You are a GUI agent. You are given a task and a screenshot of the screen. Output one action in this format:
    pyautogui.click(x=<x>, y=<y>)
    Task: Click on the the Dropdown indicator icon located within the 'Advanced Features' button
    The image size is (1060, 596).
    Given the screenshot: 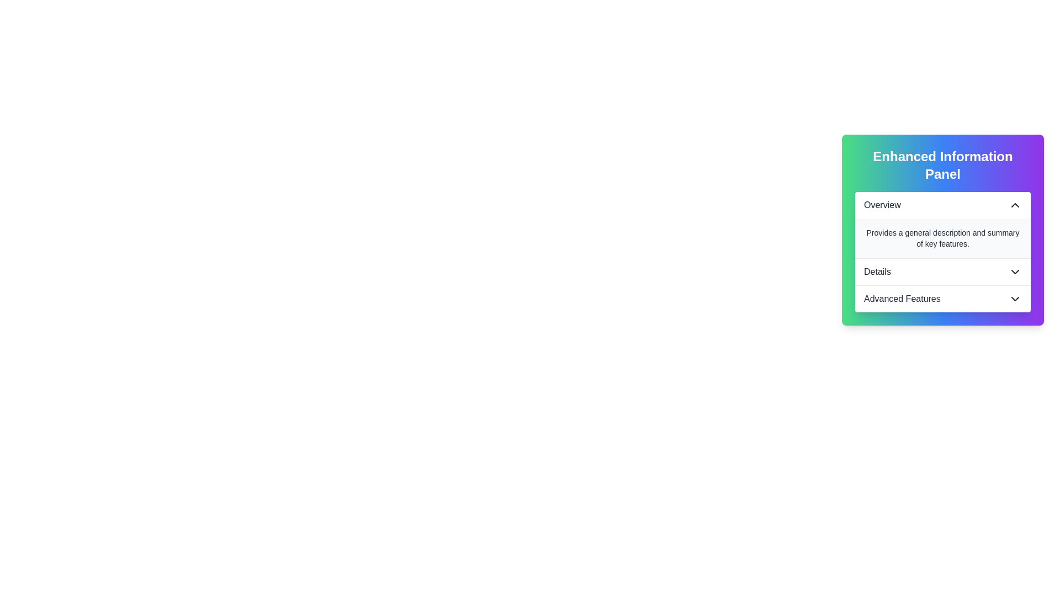 What is the action you would take?
    pyautogui.click(x=1015, y=299)
    